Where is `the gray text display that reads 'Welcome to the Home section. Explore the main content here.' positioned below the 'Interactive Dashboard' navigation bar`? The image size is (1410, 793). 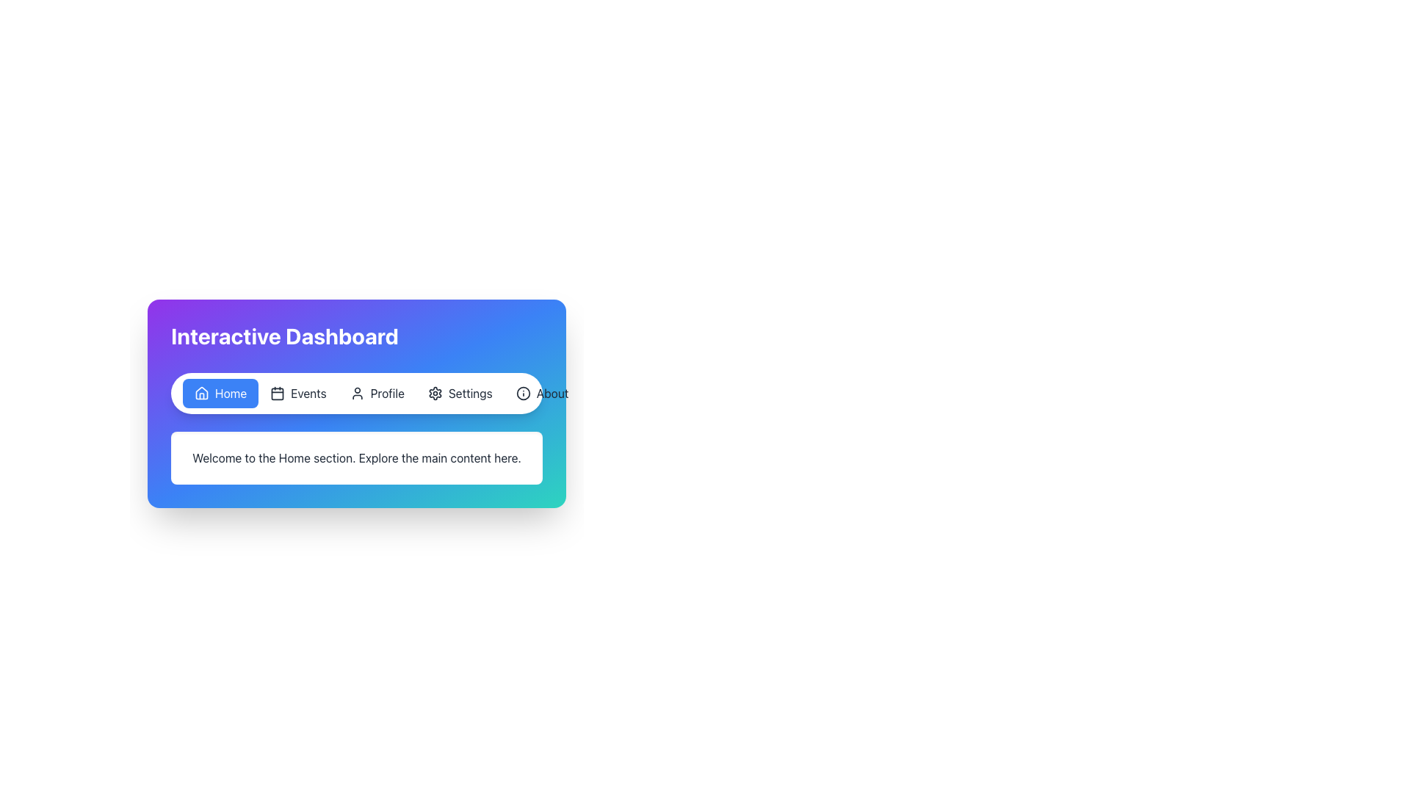
the gray text display that reads 'Welcome to the Home section. Explore the main content here.' positioned below the 'Interactive Dashboard' navigation bar is located at coordinates (356, 457).